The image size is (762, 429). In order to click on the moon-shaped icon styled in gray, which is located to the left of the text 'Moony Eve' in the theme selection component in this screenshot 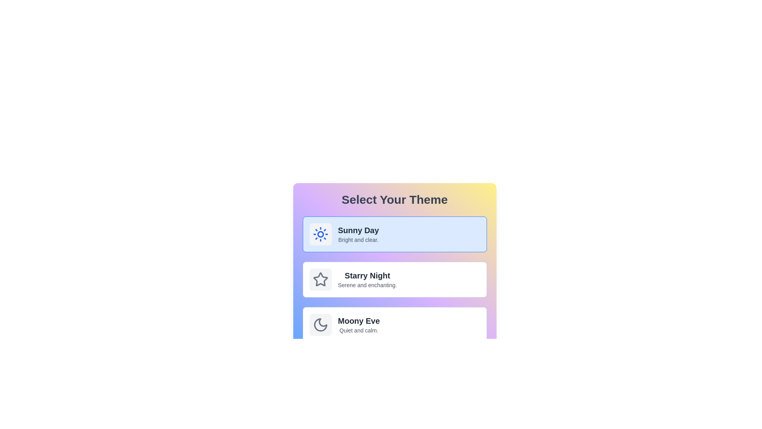, I will do `click(320, 325)`.